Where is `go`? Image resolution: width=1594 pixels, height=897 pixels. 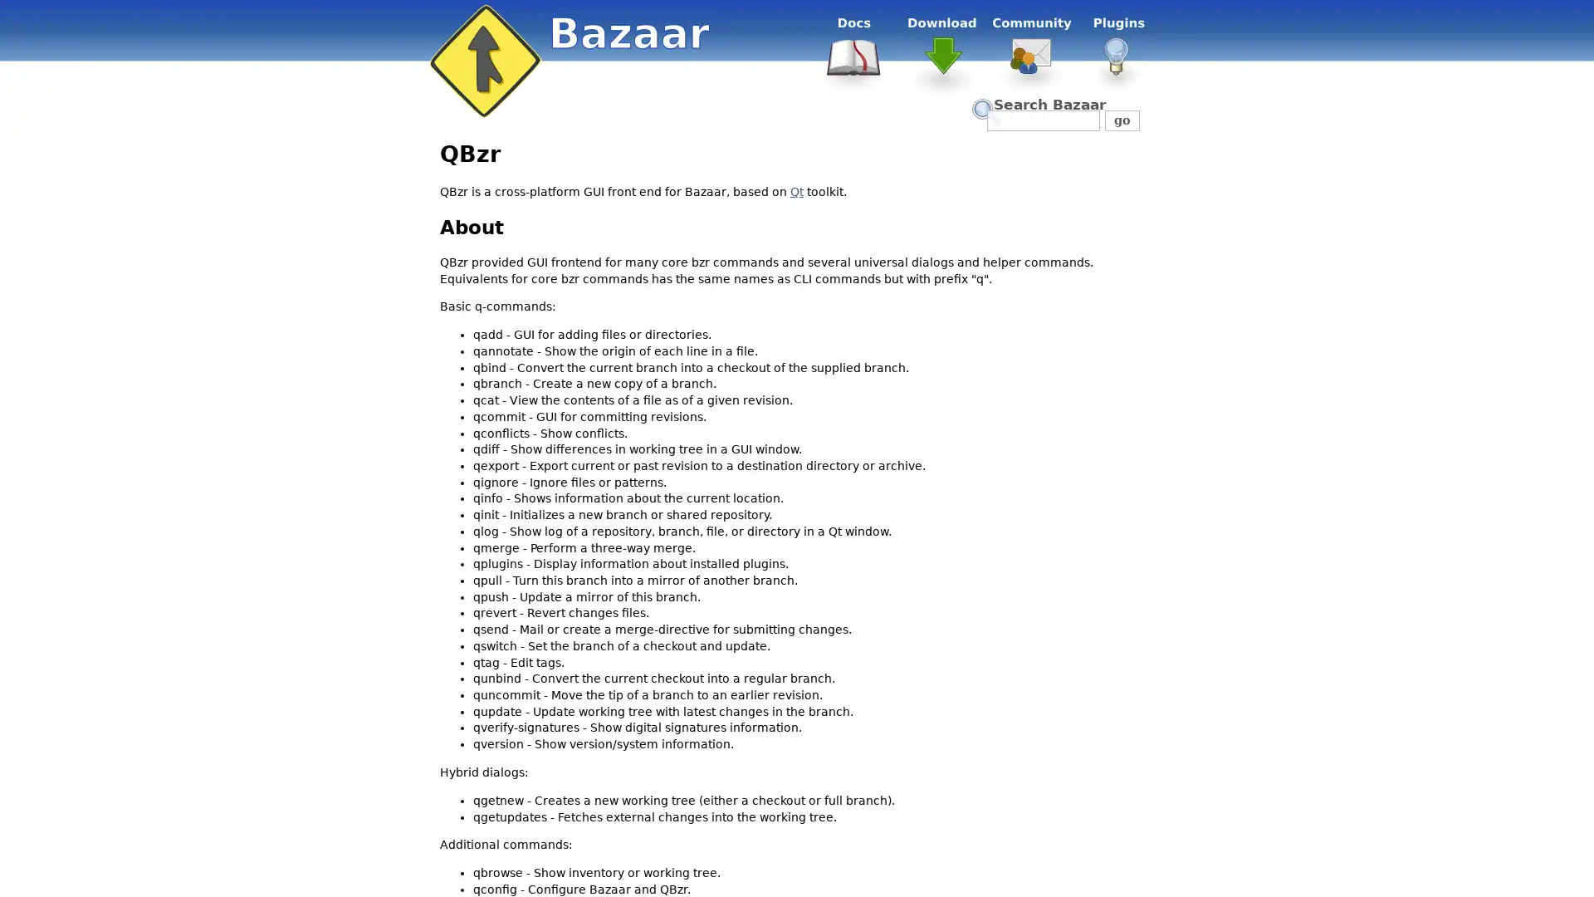 go is located at coordinates (1122, 120).